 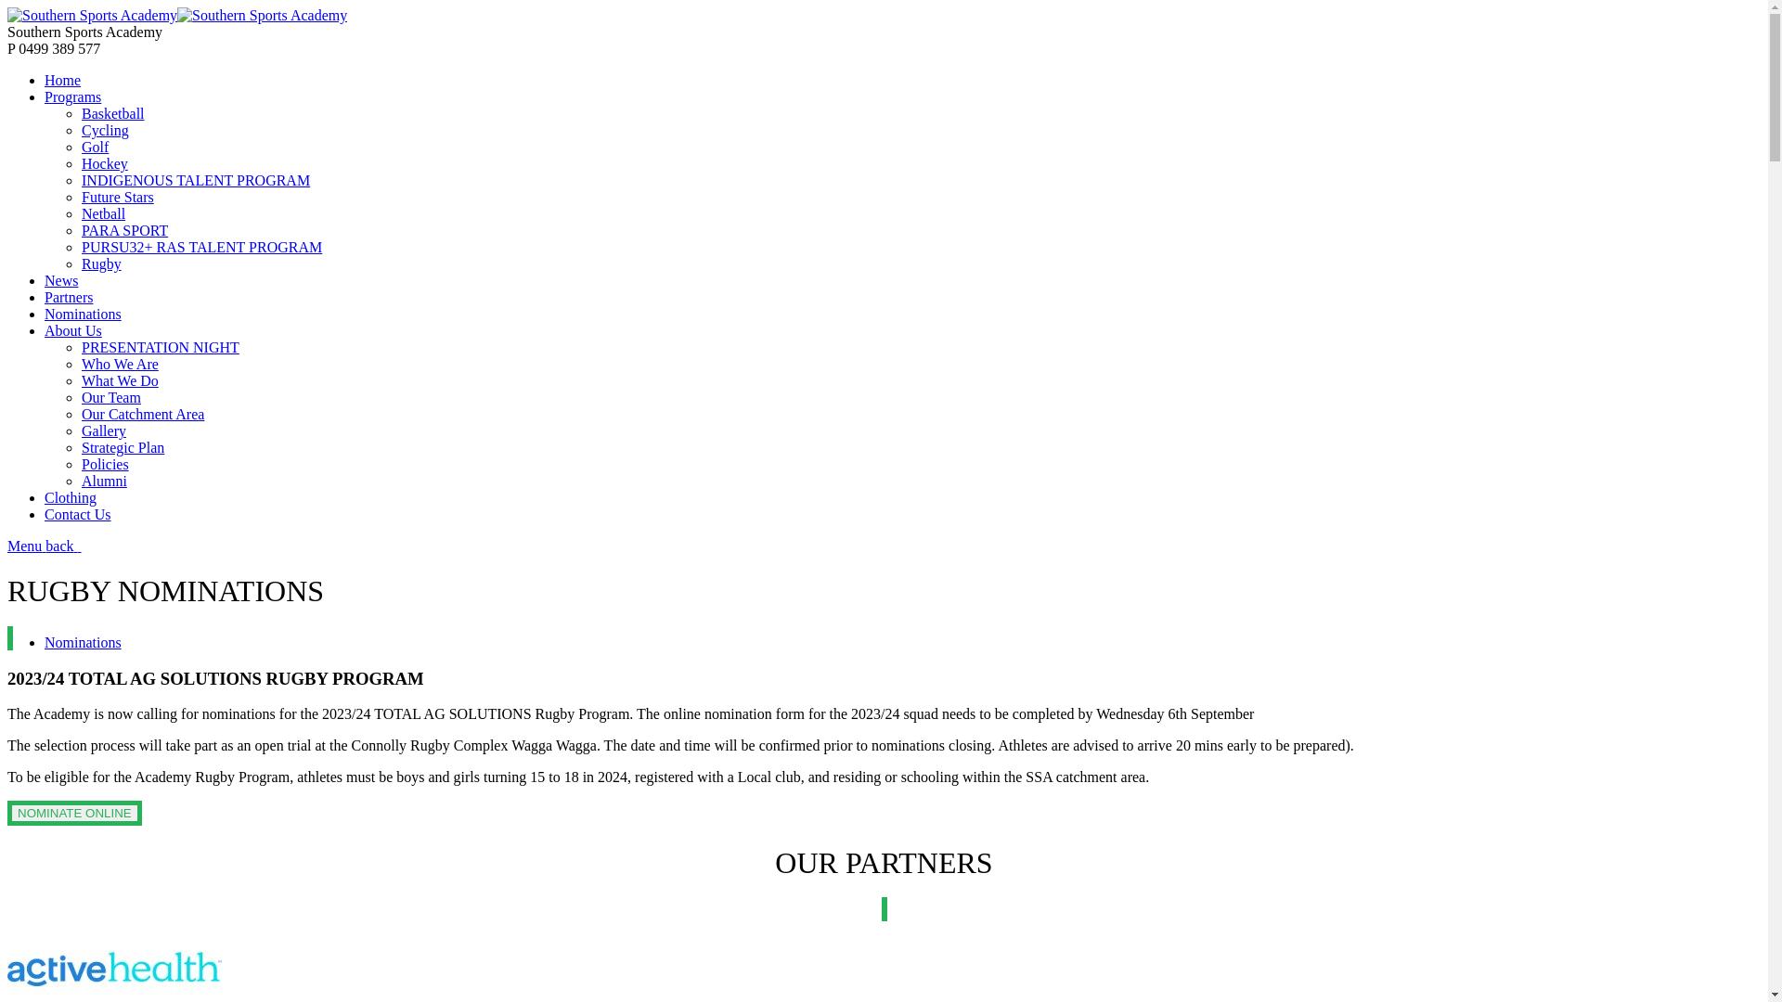 What do you see at coordinates (104, 129) in the screenshot?
I see `'Cycling'` at bounding box center [104, 129].